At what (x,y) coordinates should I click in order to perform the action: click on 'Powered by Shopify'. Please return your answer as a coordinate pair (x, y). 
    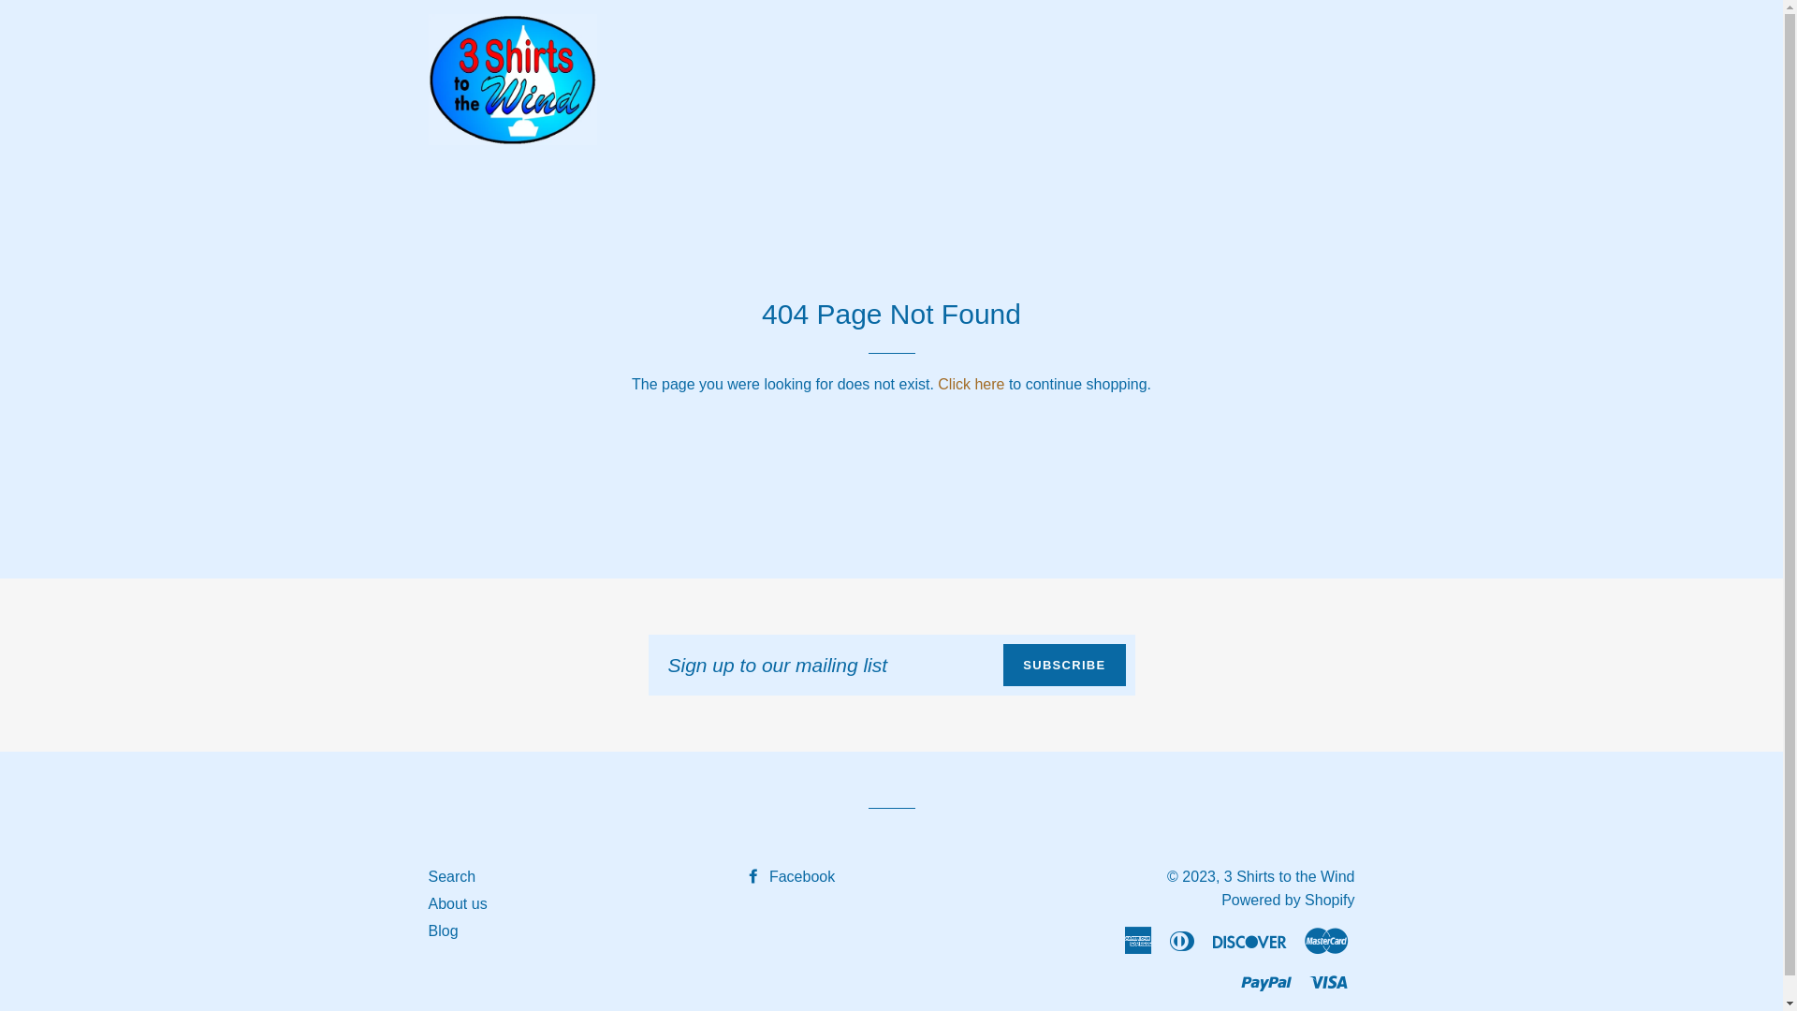
    Looking at the image, I should click on (1287, 899).